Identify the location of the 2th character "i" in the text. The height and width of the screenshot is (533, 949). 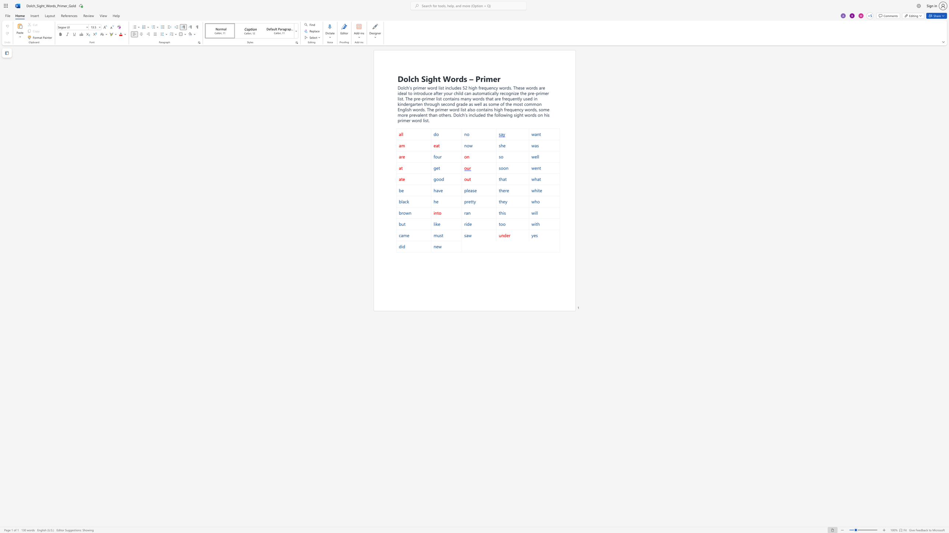
(484, 78).